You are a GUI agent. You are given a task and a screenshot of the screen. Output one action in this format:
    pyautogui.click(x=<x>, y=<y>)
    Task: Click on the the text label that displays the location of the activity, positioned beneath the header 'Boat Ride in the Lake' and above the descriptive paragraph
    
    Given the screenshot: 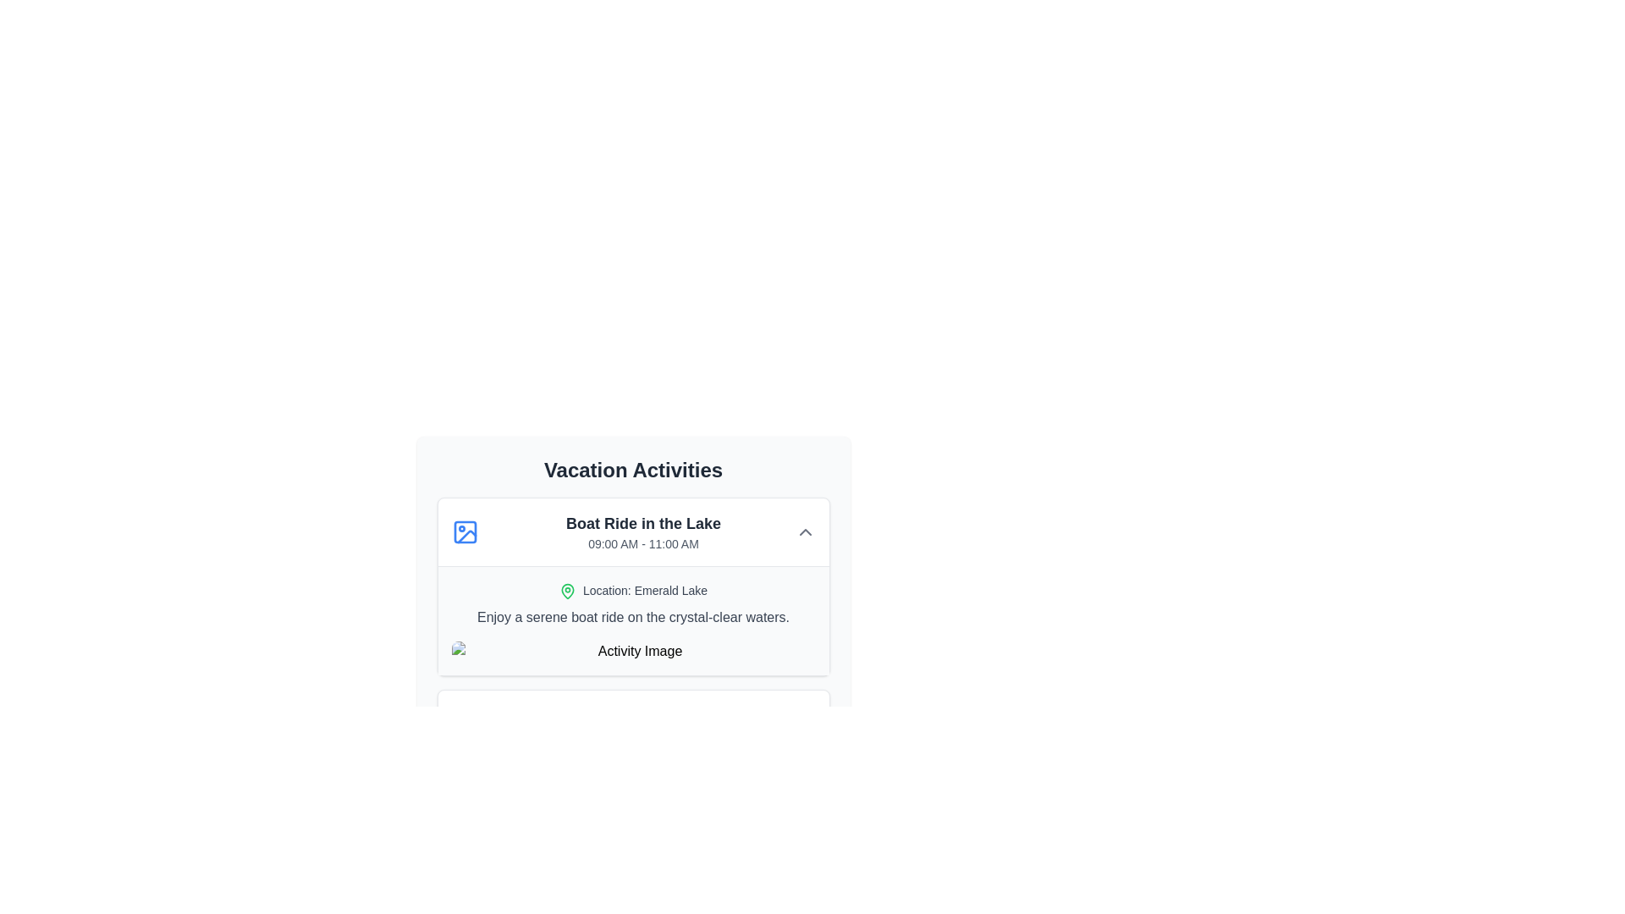 What is the action you would take?
    pyautogui.click(x=644, y=590)
    